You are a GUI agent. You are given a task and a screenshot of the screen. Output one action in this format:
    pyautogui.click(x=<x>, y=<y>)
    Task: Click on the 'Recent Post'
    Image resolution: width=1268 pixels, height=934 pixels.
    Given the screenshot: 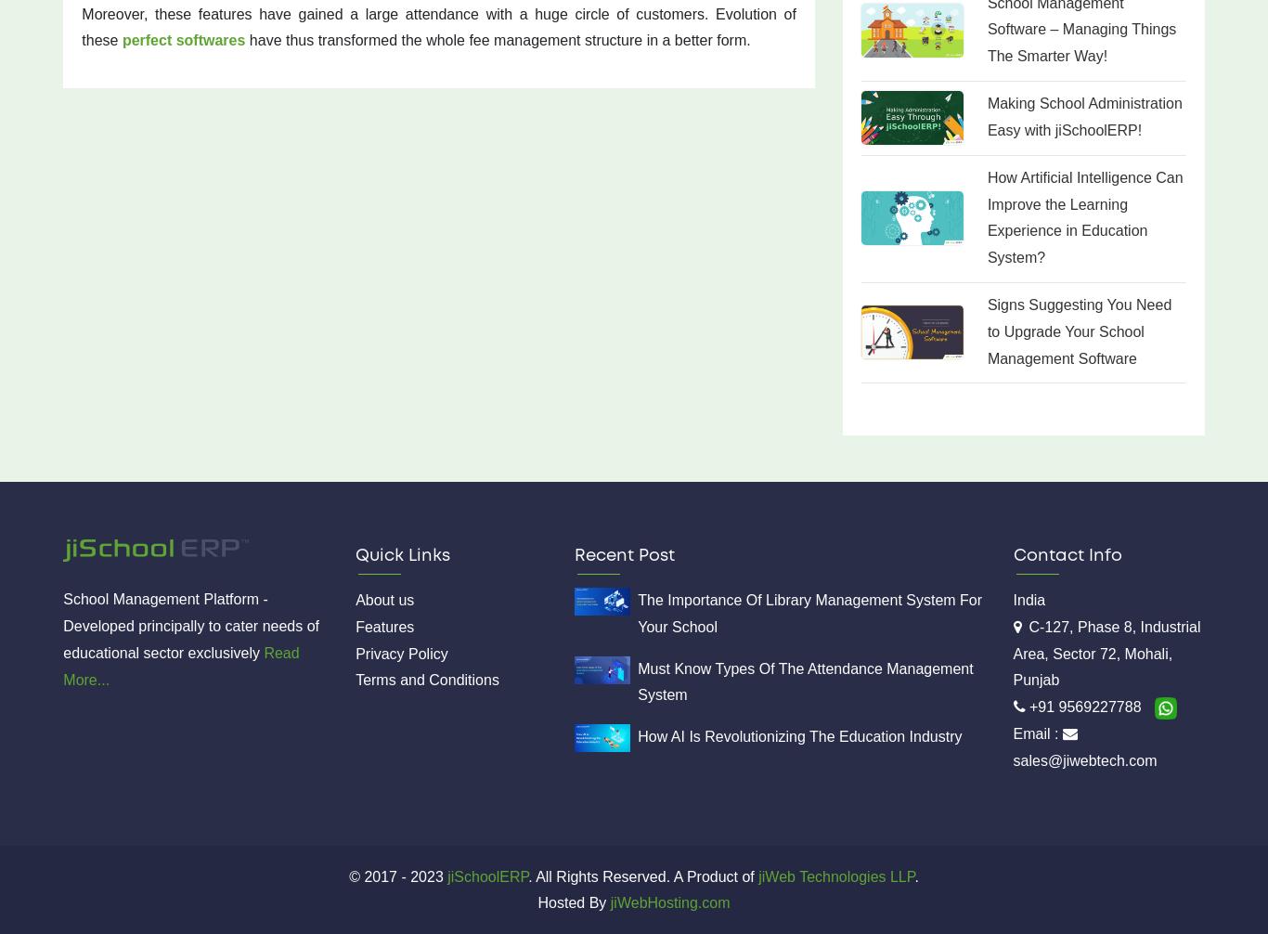 What is the action you would take?
    pyautogui.click(x=624, y=555)
    